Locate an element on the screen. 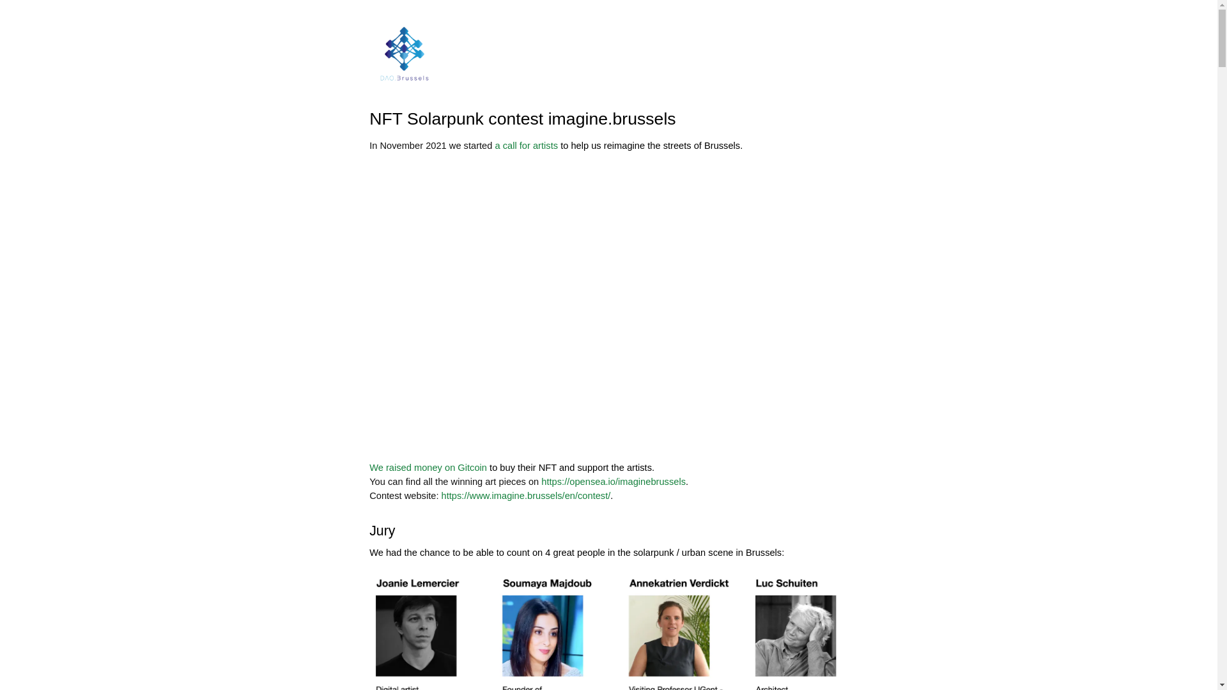  'a call for artists' is located at coordinates (526, 144).